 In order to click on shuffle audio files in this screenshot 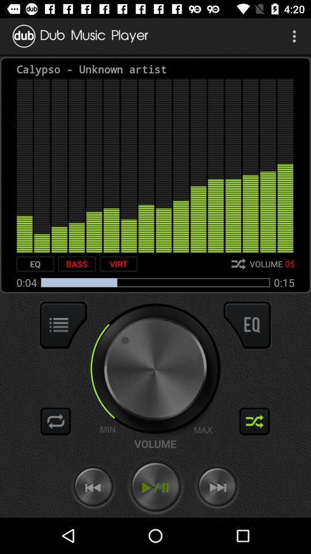, I will do `click(255, 421)`.